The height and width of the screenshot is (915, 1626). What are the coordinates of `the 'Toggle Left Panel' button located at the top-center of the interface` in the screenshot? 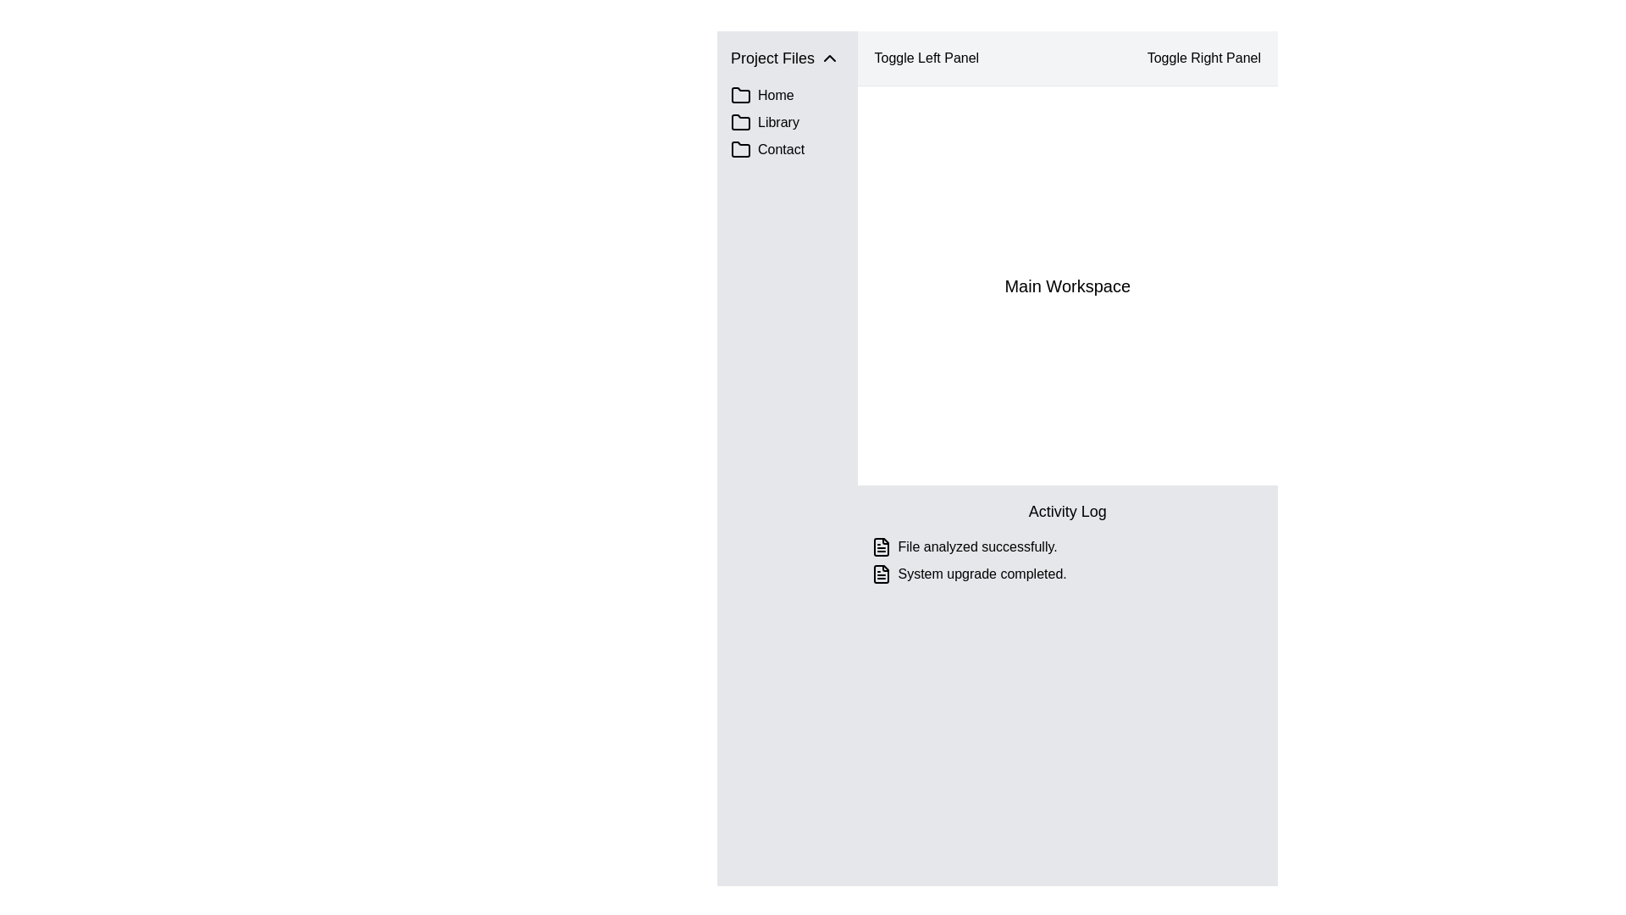 It's located at (926, 58).